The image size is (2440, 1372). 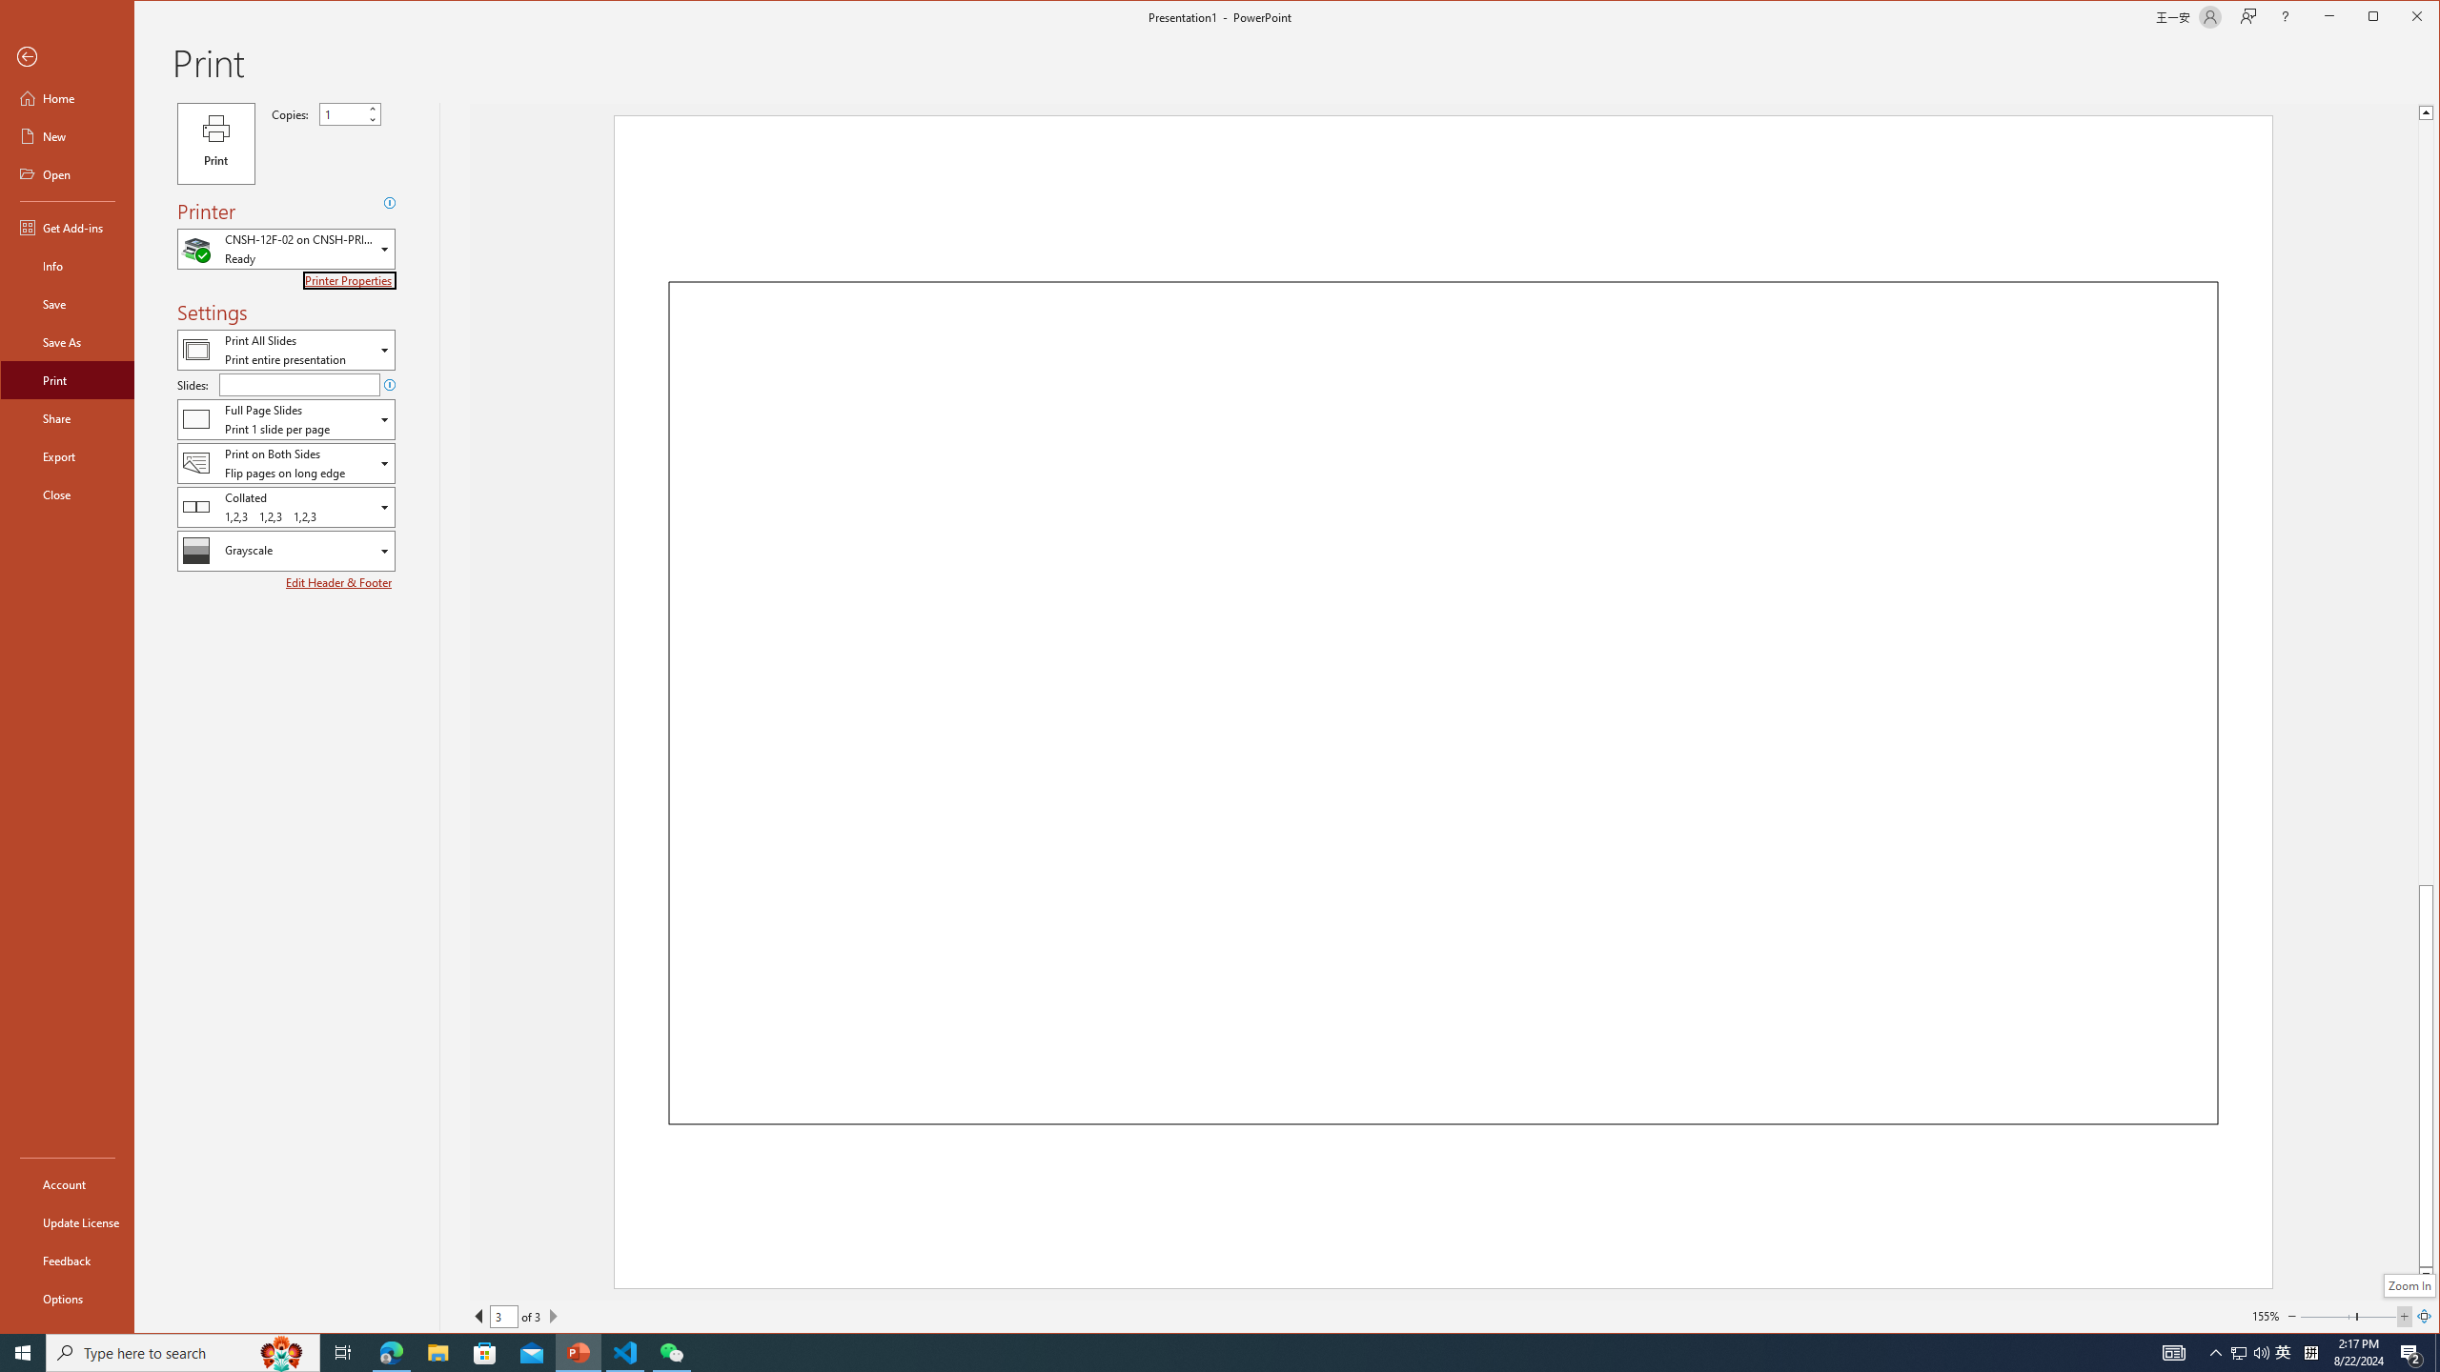 What do you see at coordinates (2327, 1315) in the screenshot?
I see `'Page left'` at bounding box center [2327, 1315].